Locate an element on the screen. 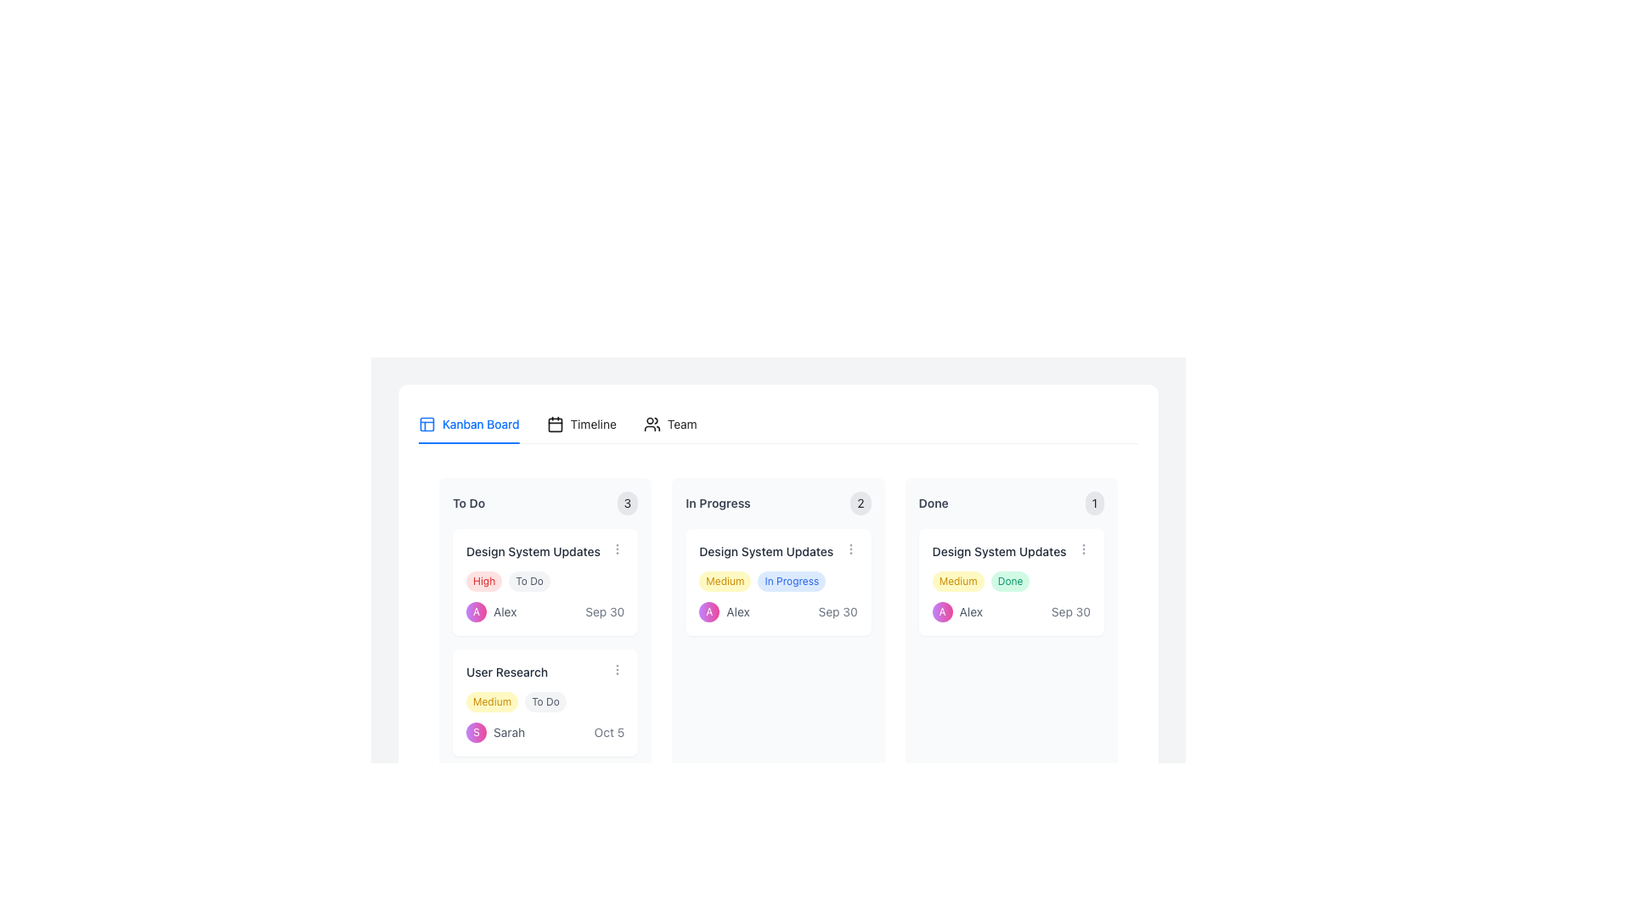 The image size is (1631, 917). text label displaying the name 'Sarah' located in the lower part of the 'User Research' card under the 'To Do' column, positioned to the right of a circular badge with the initial 'S' is located at coordinates (508, 732).